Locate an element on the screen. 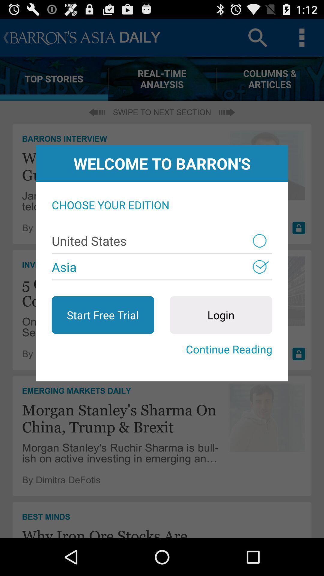 The height and width of the screenshot is (576, 324). the login is located at coordinates (221, 315).